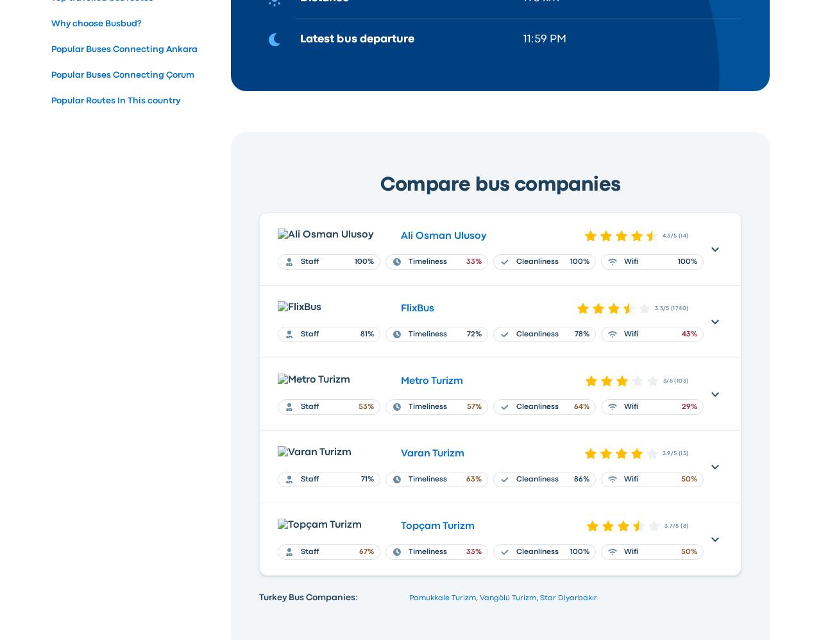 The width and height of the screenshot is (821, 640). I want to click on 'Why choose Busbud?', so click(96, 22).